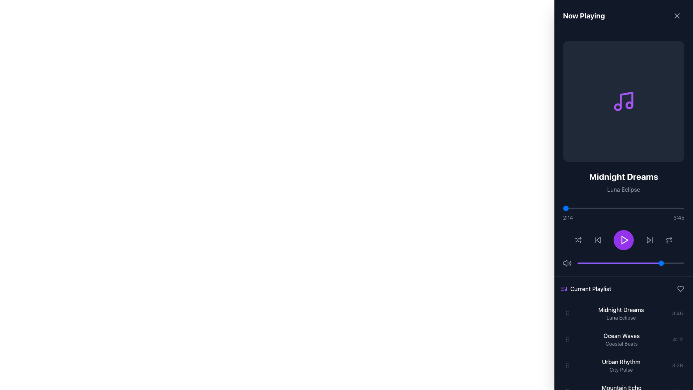 The width and height of the screenshot is (693, 390). What do you see at coordinates (677, 313) in the screenshot?
I see `the text label displaying '3:45' which is styled in gray and located to the right of 'Midnight Dreams' and 'Luna Eclipse' within the playlist entry` at bounding box center [677, 313].